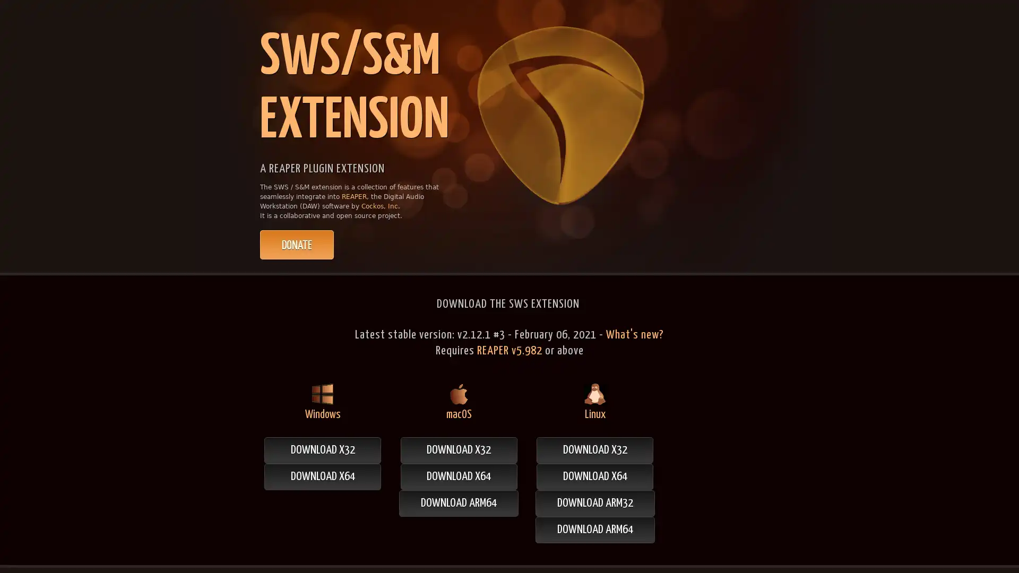 This screenshot has width=1019, height=573. What do you see at coordinates (339, 476) in the screenshot?
I see `DOWNLOAD X64` at bounding box center [339, 476].